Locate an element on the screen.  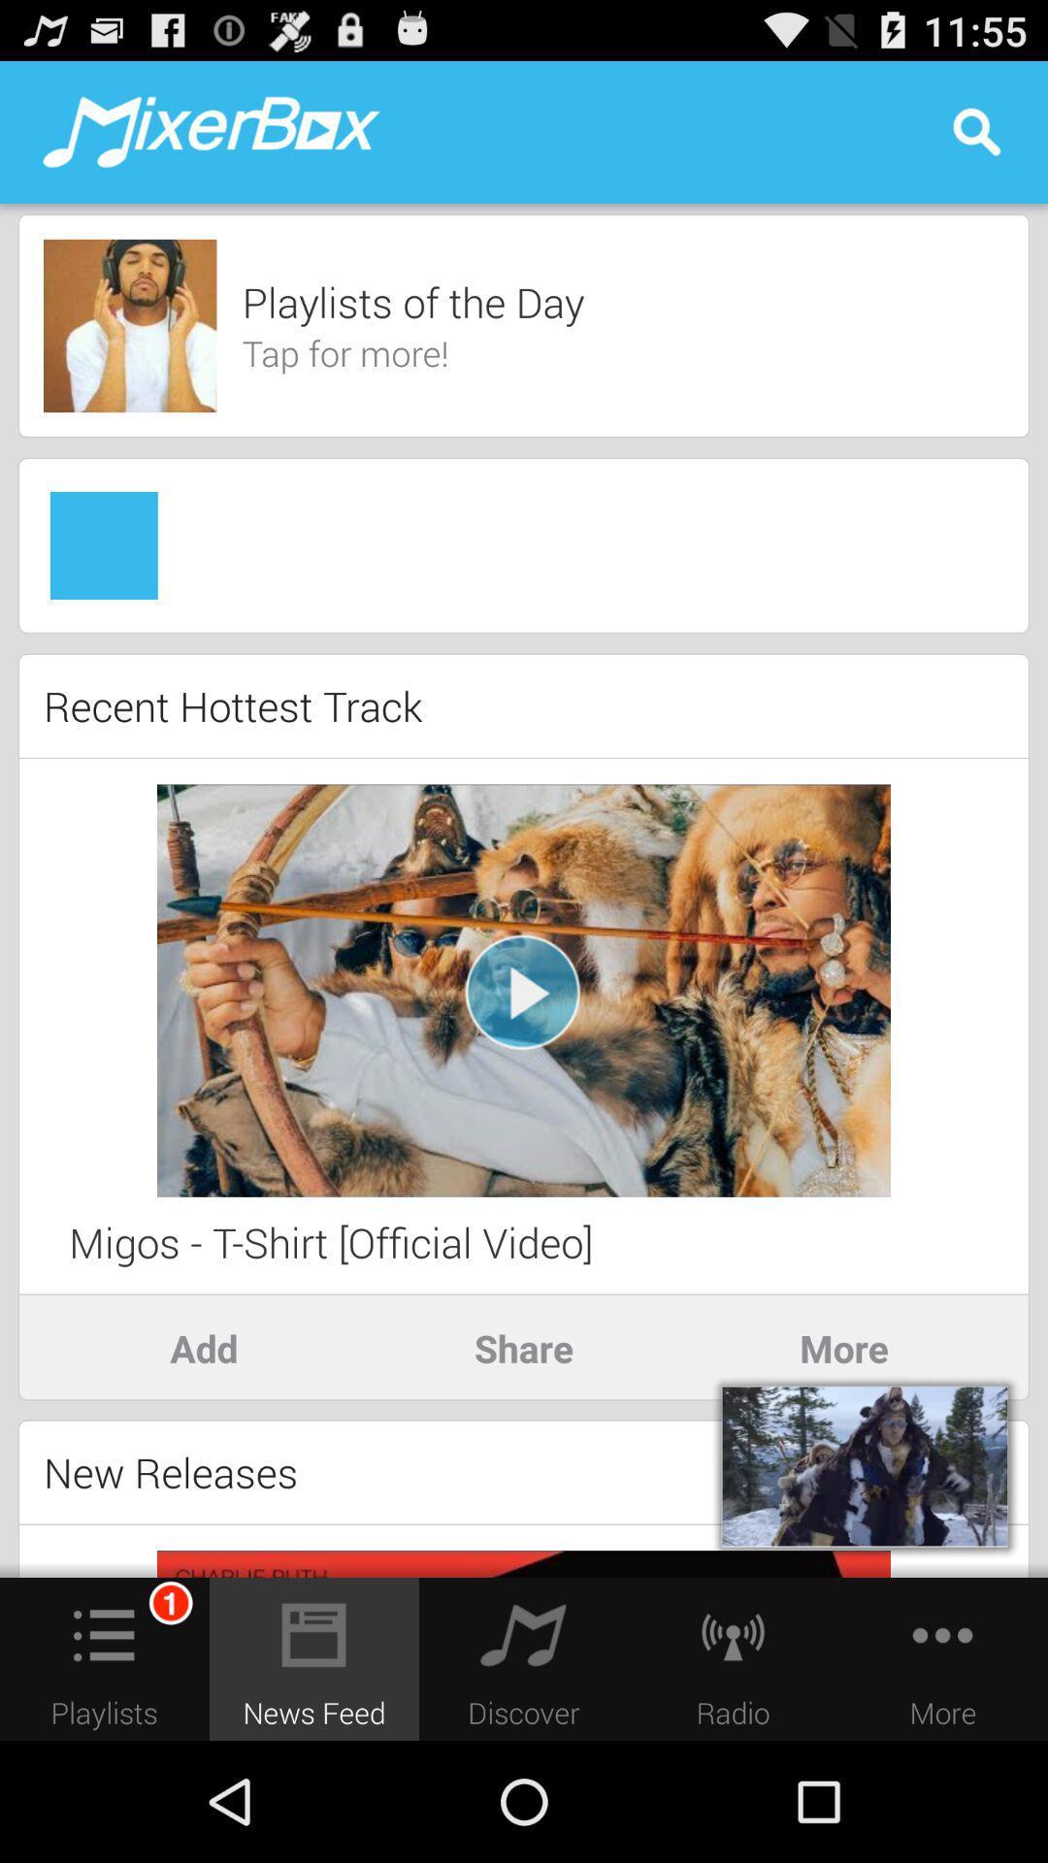
the icon below add app is located at coordinates (170, 1472).